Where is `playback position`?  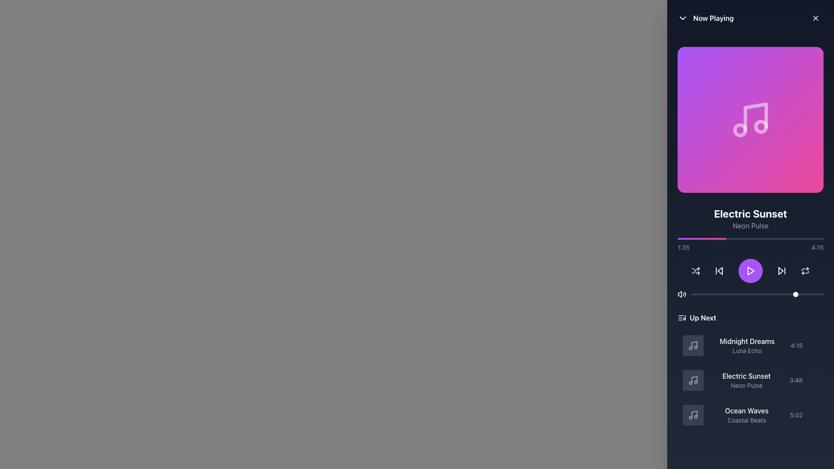 playback position is located at coordinates (750, 239).